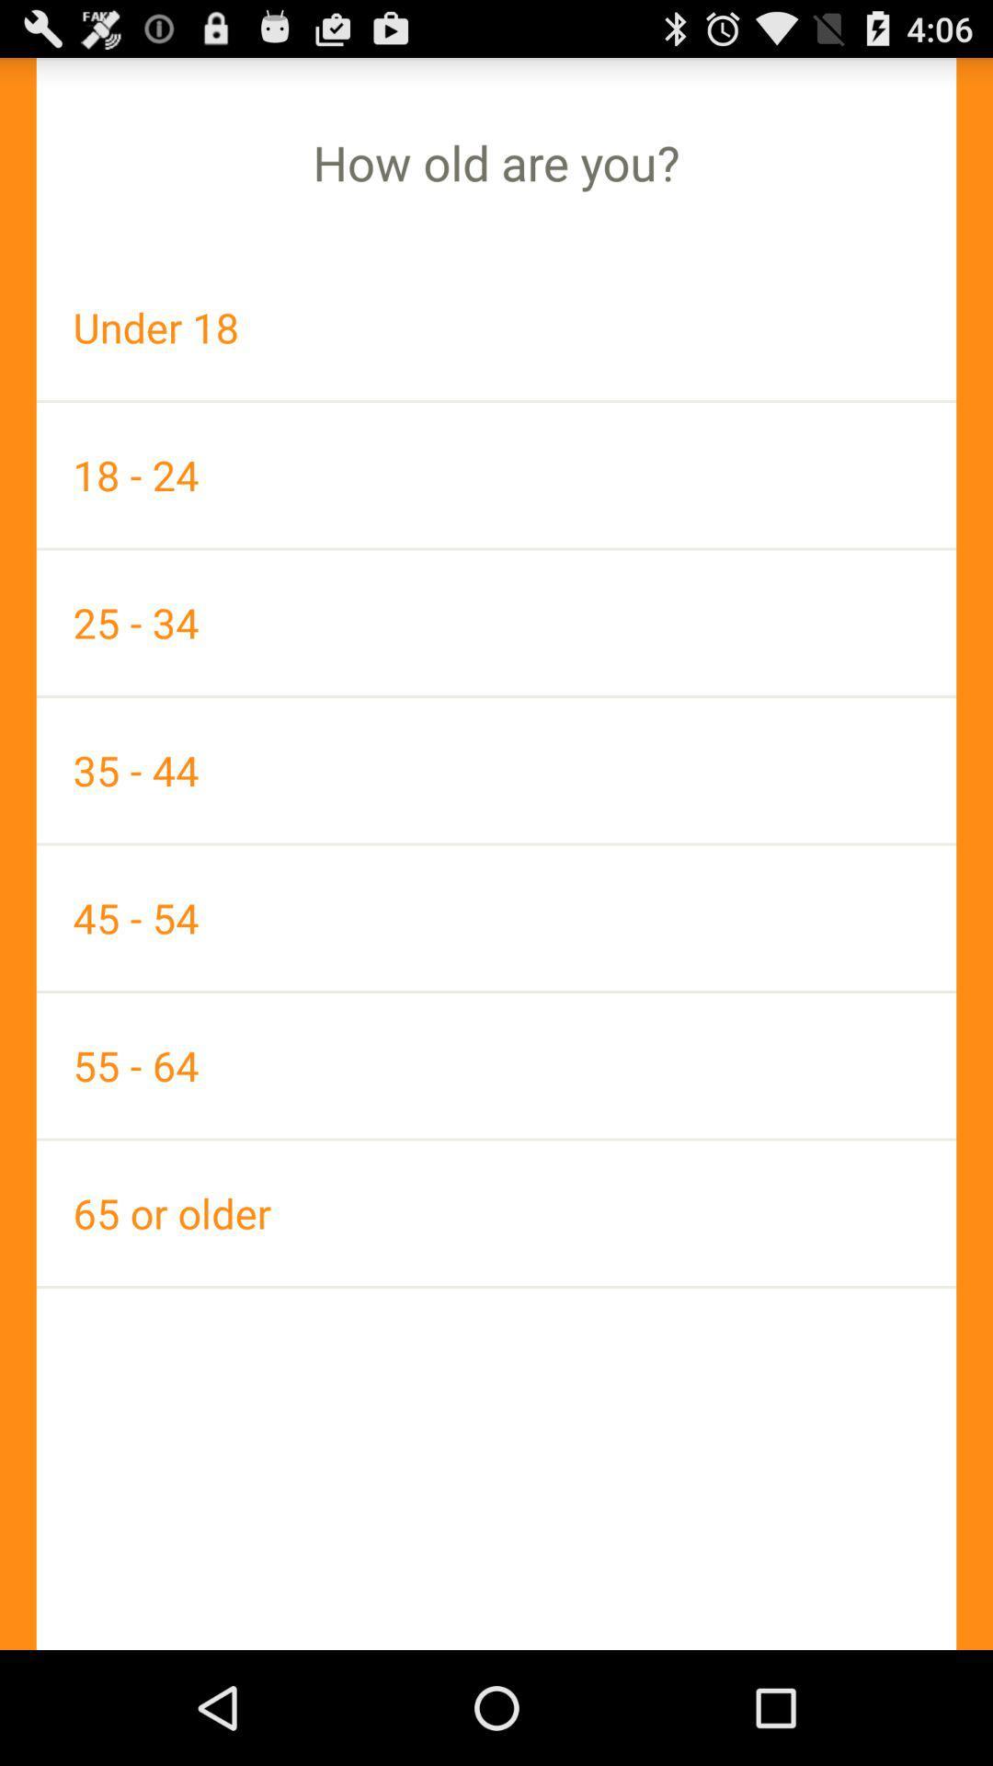 This screenshot has width=993, height=1766. Describe the element at coordinates (496, 623) in the screenshot. I see `the item below 18 - 24 app` at that location.